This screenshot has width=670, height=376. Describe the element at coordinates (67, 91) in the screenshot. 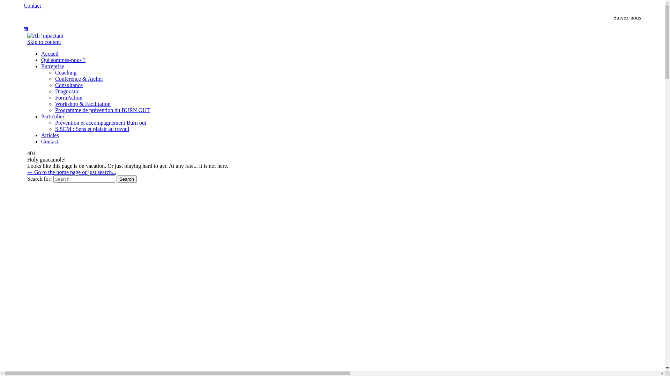

I see `'Diagnostic'` at that location.